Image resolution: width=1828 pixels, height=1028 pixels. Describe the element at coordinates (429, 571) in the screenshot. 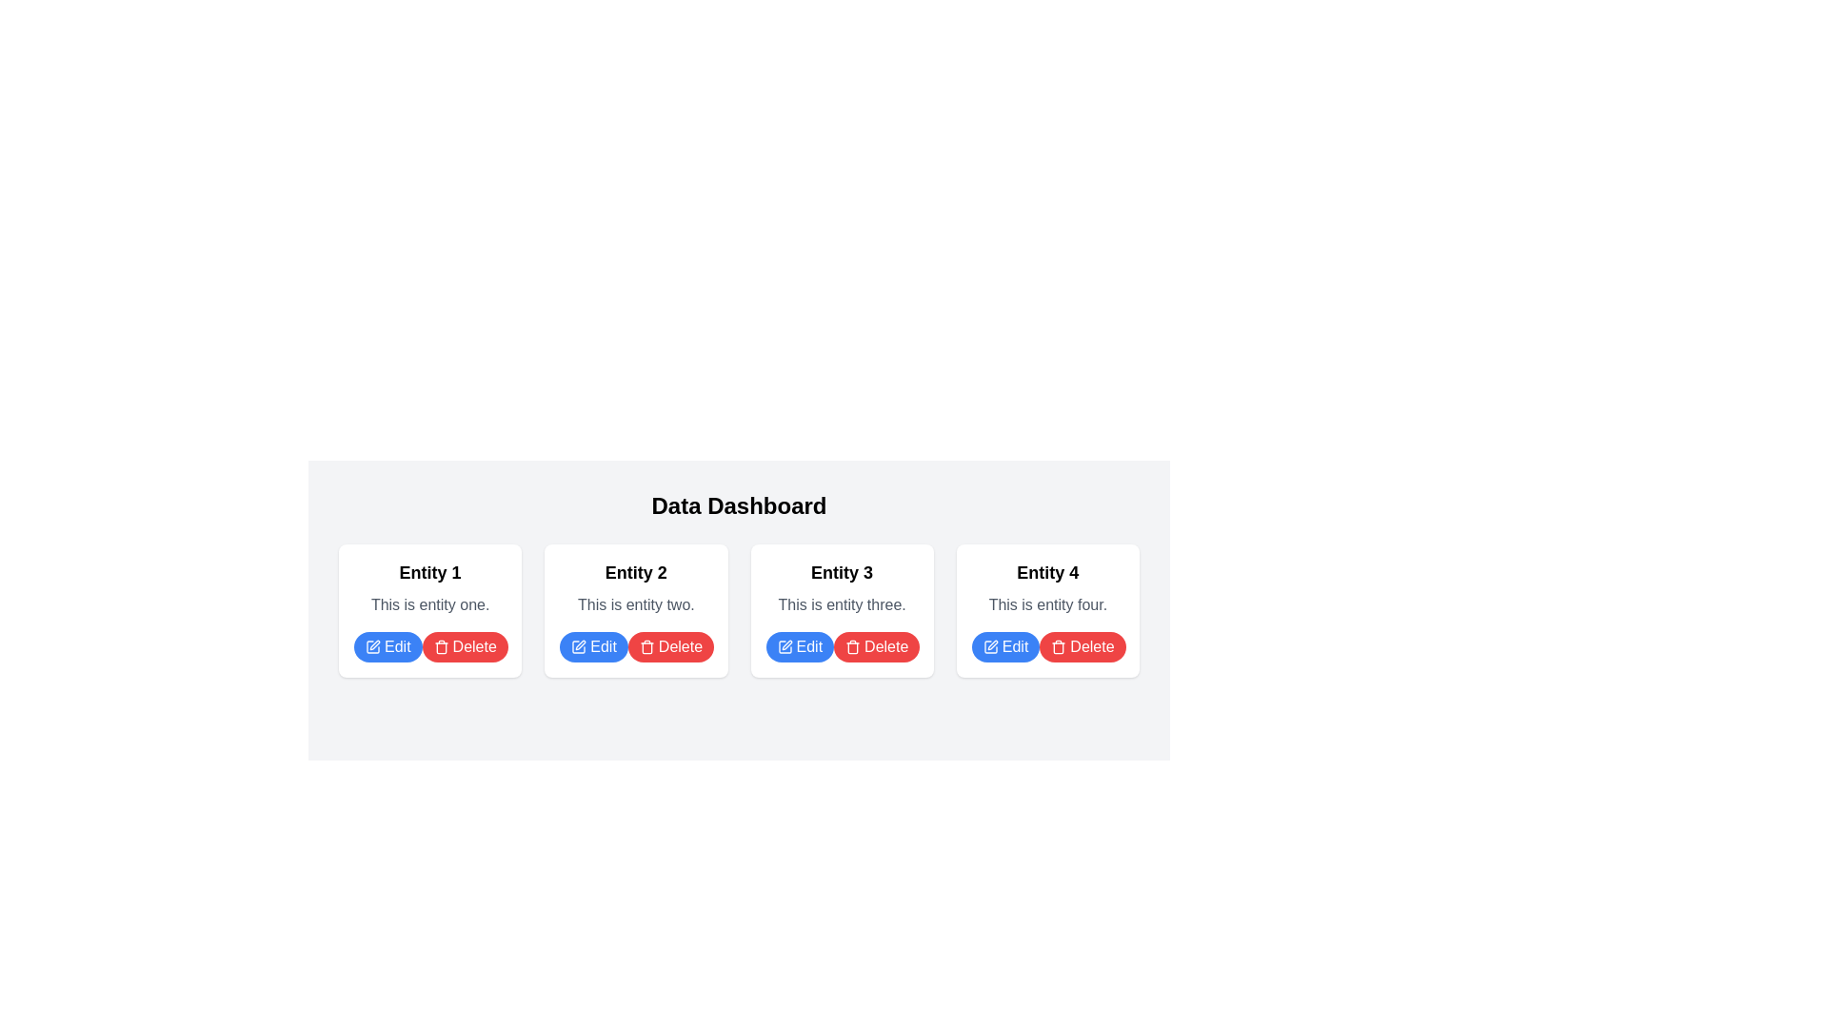

I see `the text label displaying 'Entity 1', which is positioned at the top of the first card in a grid layout on the 'Data Dashboard'` at that location.